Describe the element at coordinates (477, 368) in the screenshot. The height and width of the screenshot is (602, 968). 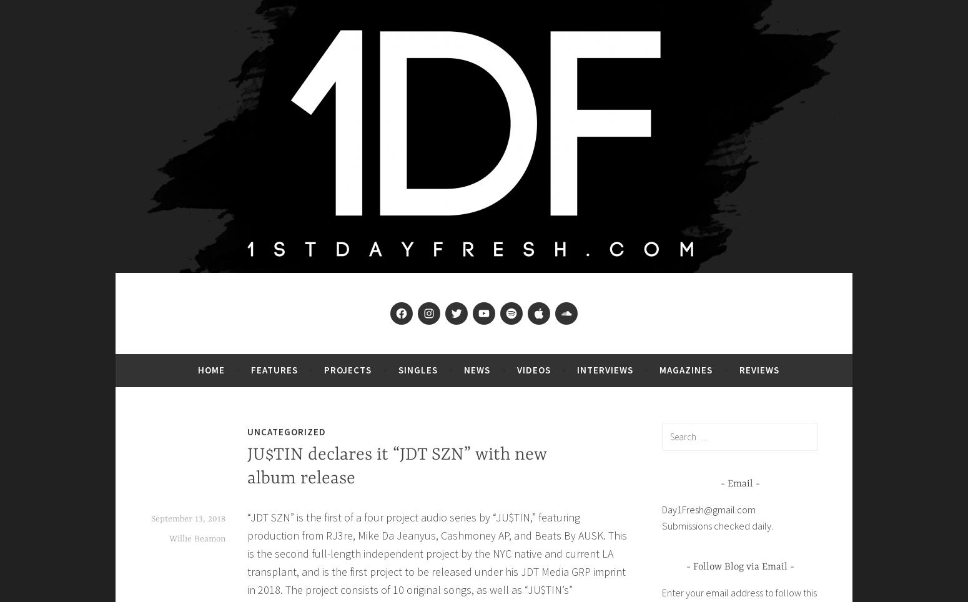
I see `'News'` at that location.